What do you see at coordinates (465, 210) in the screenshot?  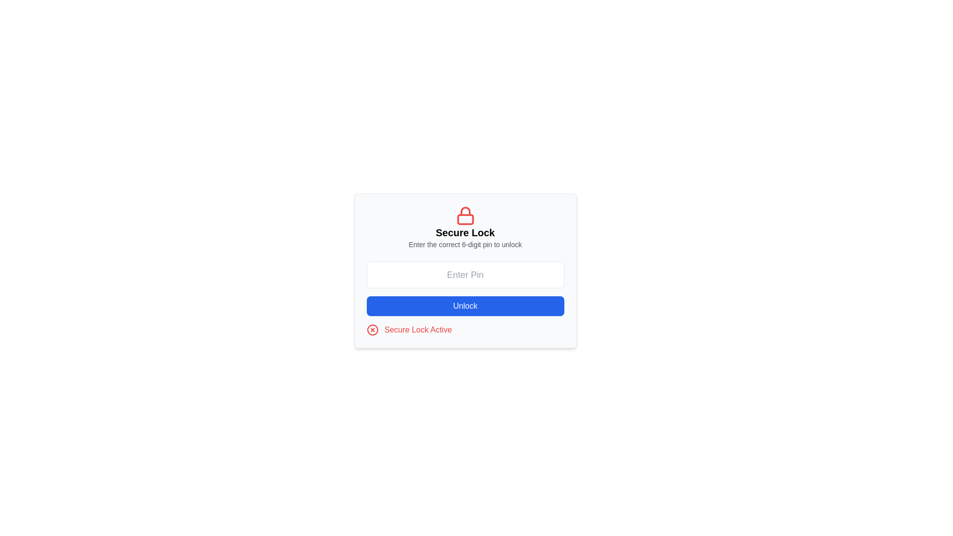 I see `the upper part of the lock icon, which represents the shackle and signifies security or restricted access, located at the top center of the dialog box` at bounding box center [465, 210].